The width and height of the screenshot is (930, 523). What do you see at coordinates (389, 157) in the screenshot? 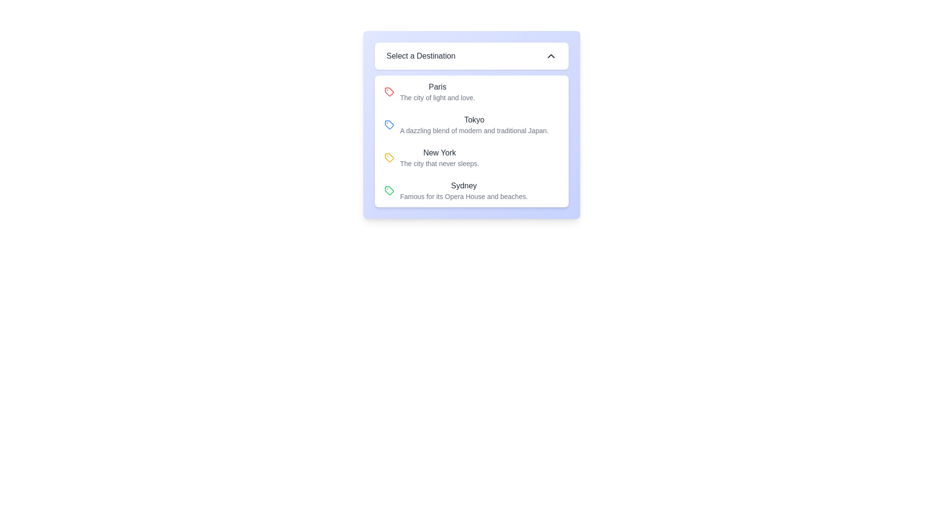
I see `the yellow tag icon located to the left of the text 'New York' in the dropdown menu` at bounding box center [389, 157].